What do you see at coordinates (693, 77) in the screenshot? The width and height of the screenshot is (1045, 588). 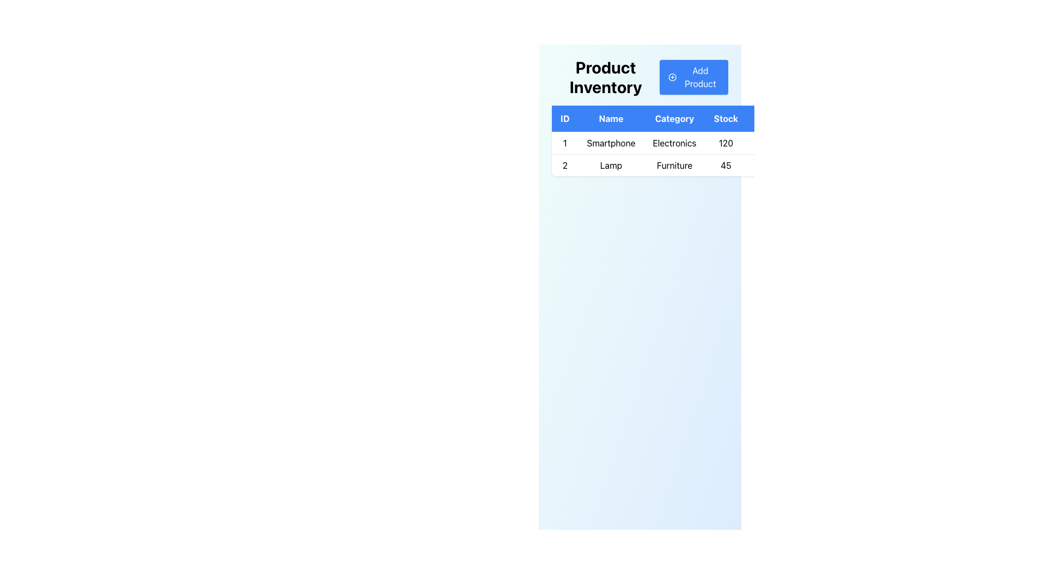 I see `the rectangular button with a blue background and white text reading 'Add Product'` at bounding box center [693, 77].